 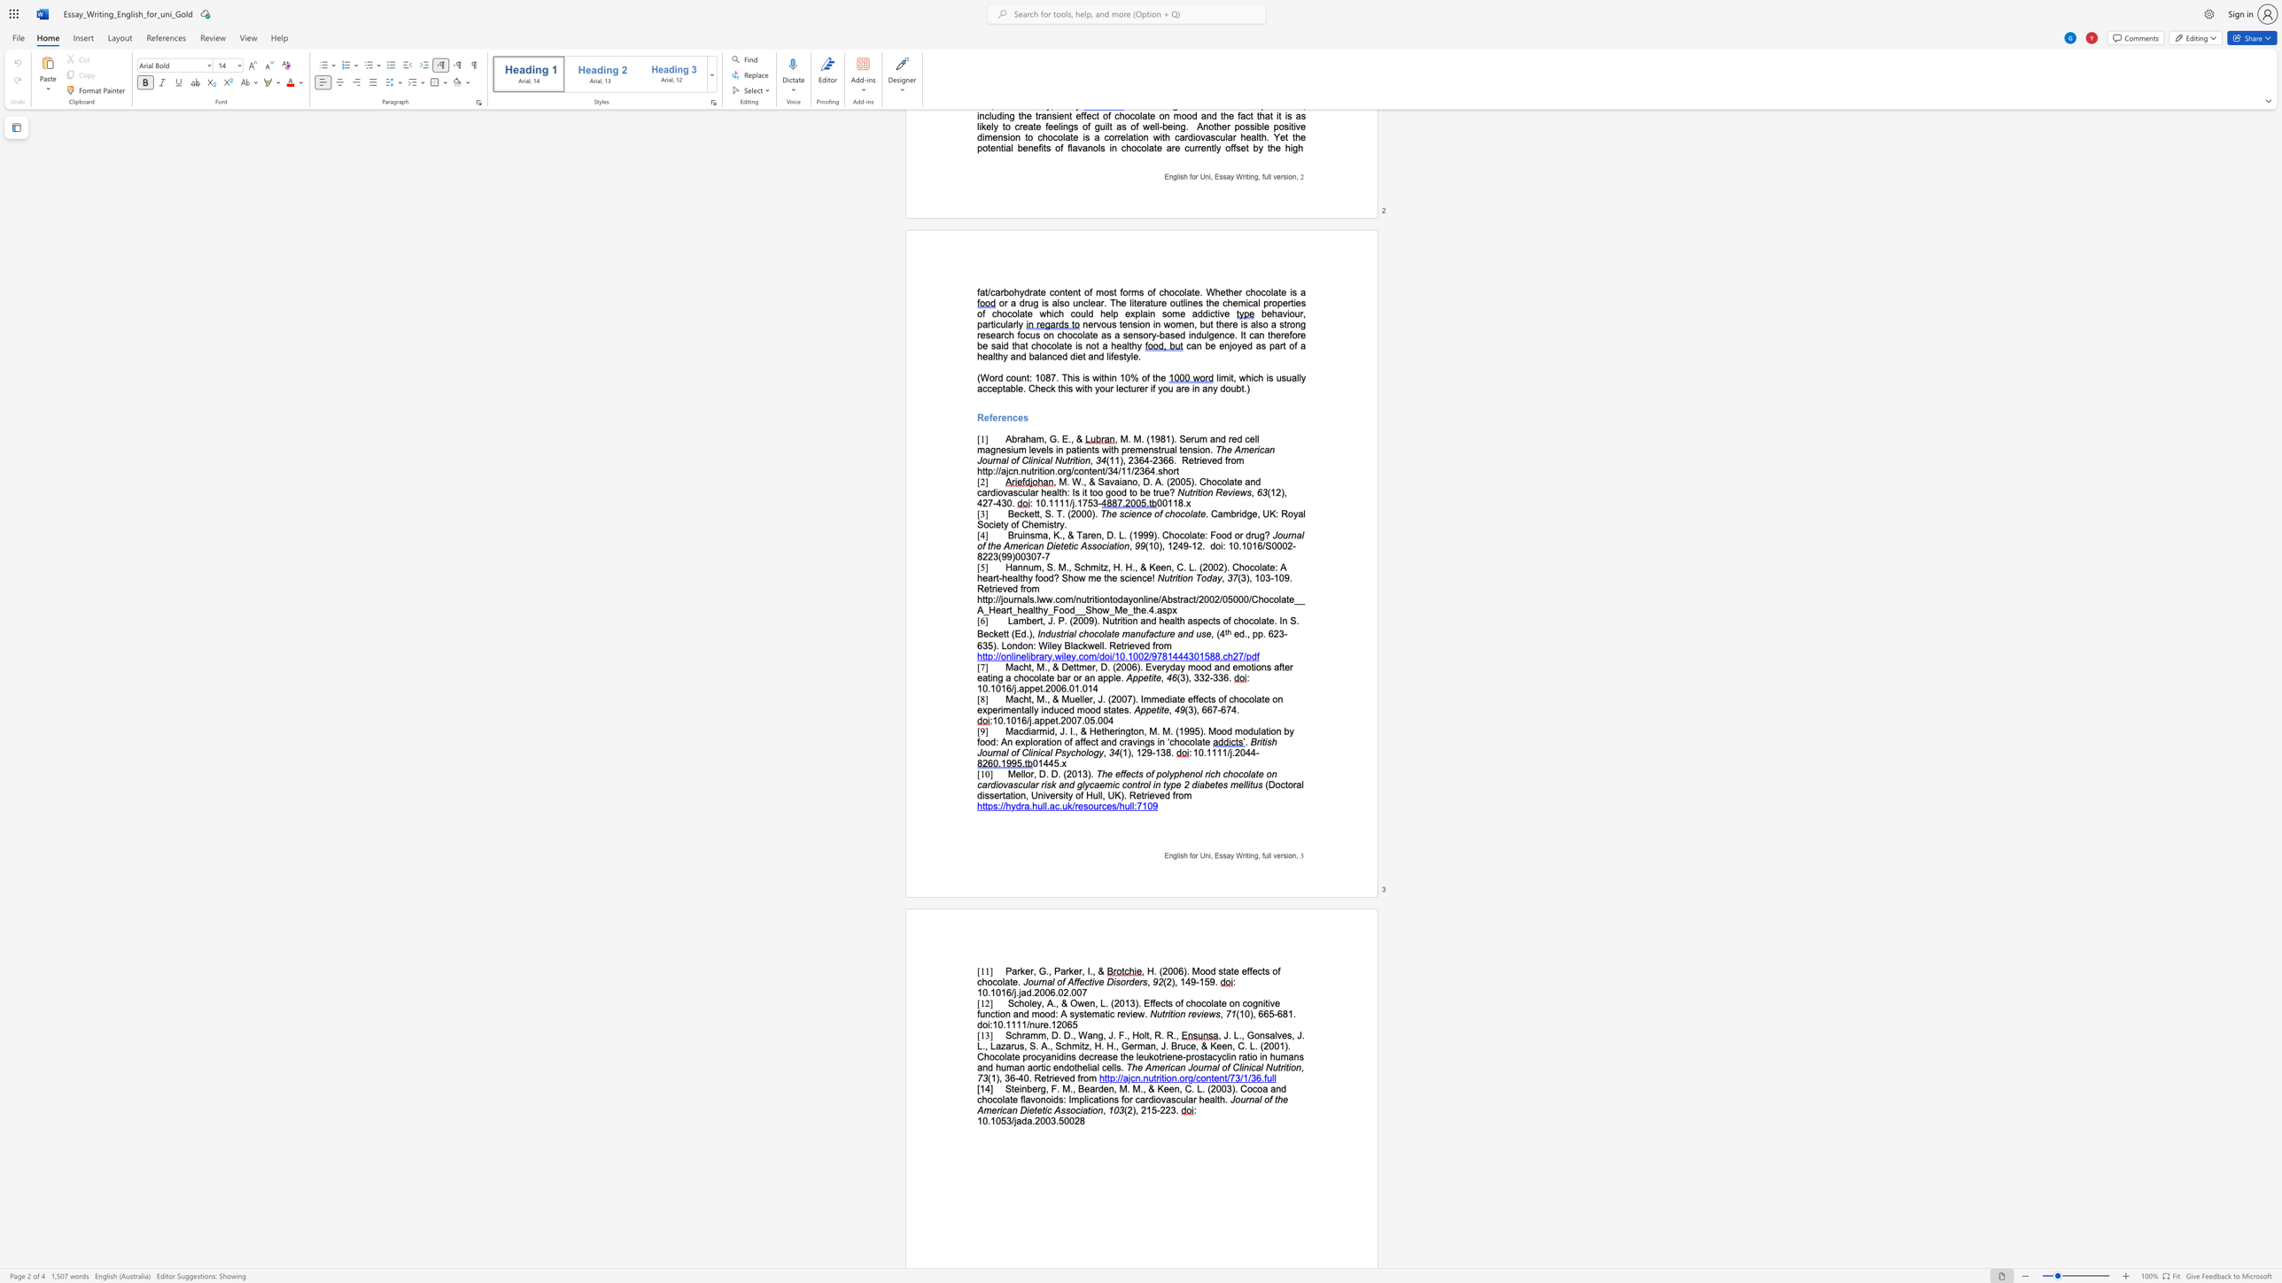 I want to click on the subset text "38." within the text "(1), 129-138.", so click(x=1160, y=753).